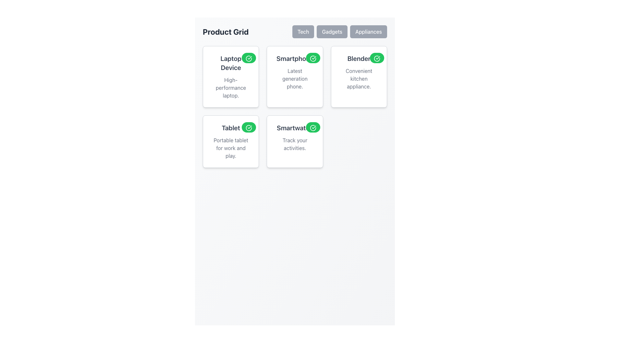 This screenshot has width=623, height=350. I want to click on the 'Gadgets' filter button, which is the second of three inline buttons to the right of the 'Product Grid' title, to trigger a visual effect, so click(339, 31).